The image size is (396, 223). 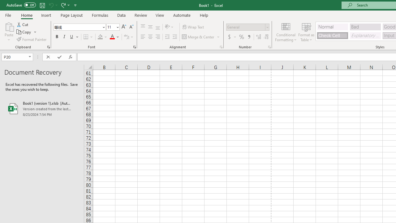 I want to click on 'Show Phonetic Field', so click(x=126, y=37).